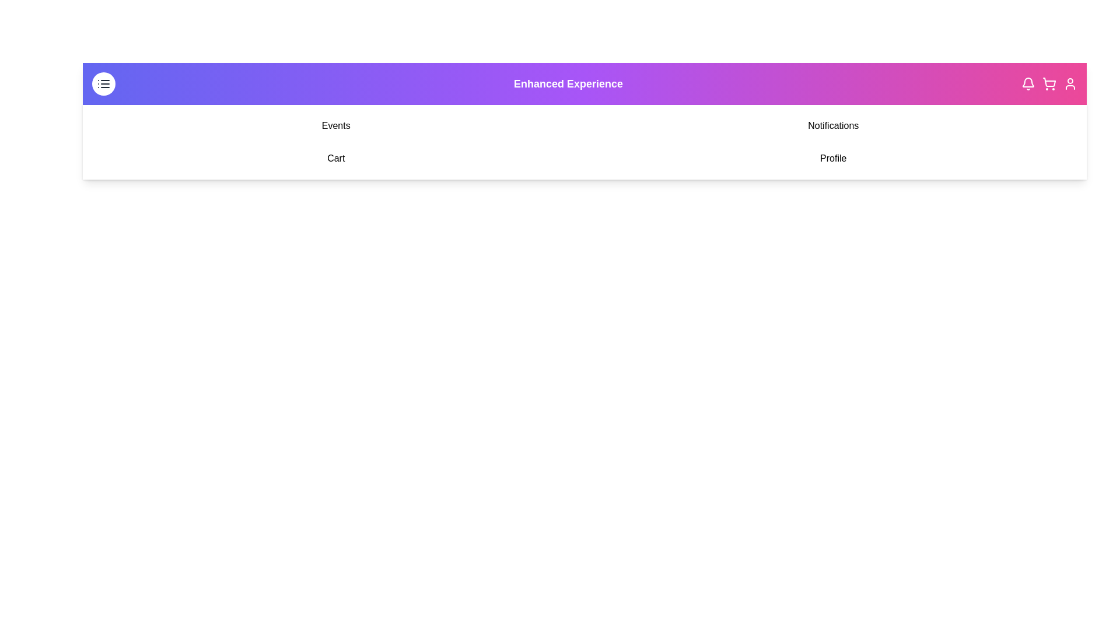 Image resolution: width=1120 pixels, height=630 pixels. I want to click on the menu item Notifications in the navigation menu, so click(832, 126).